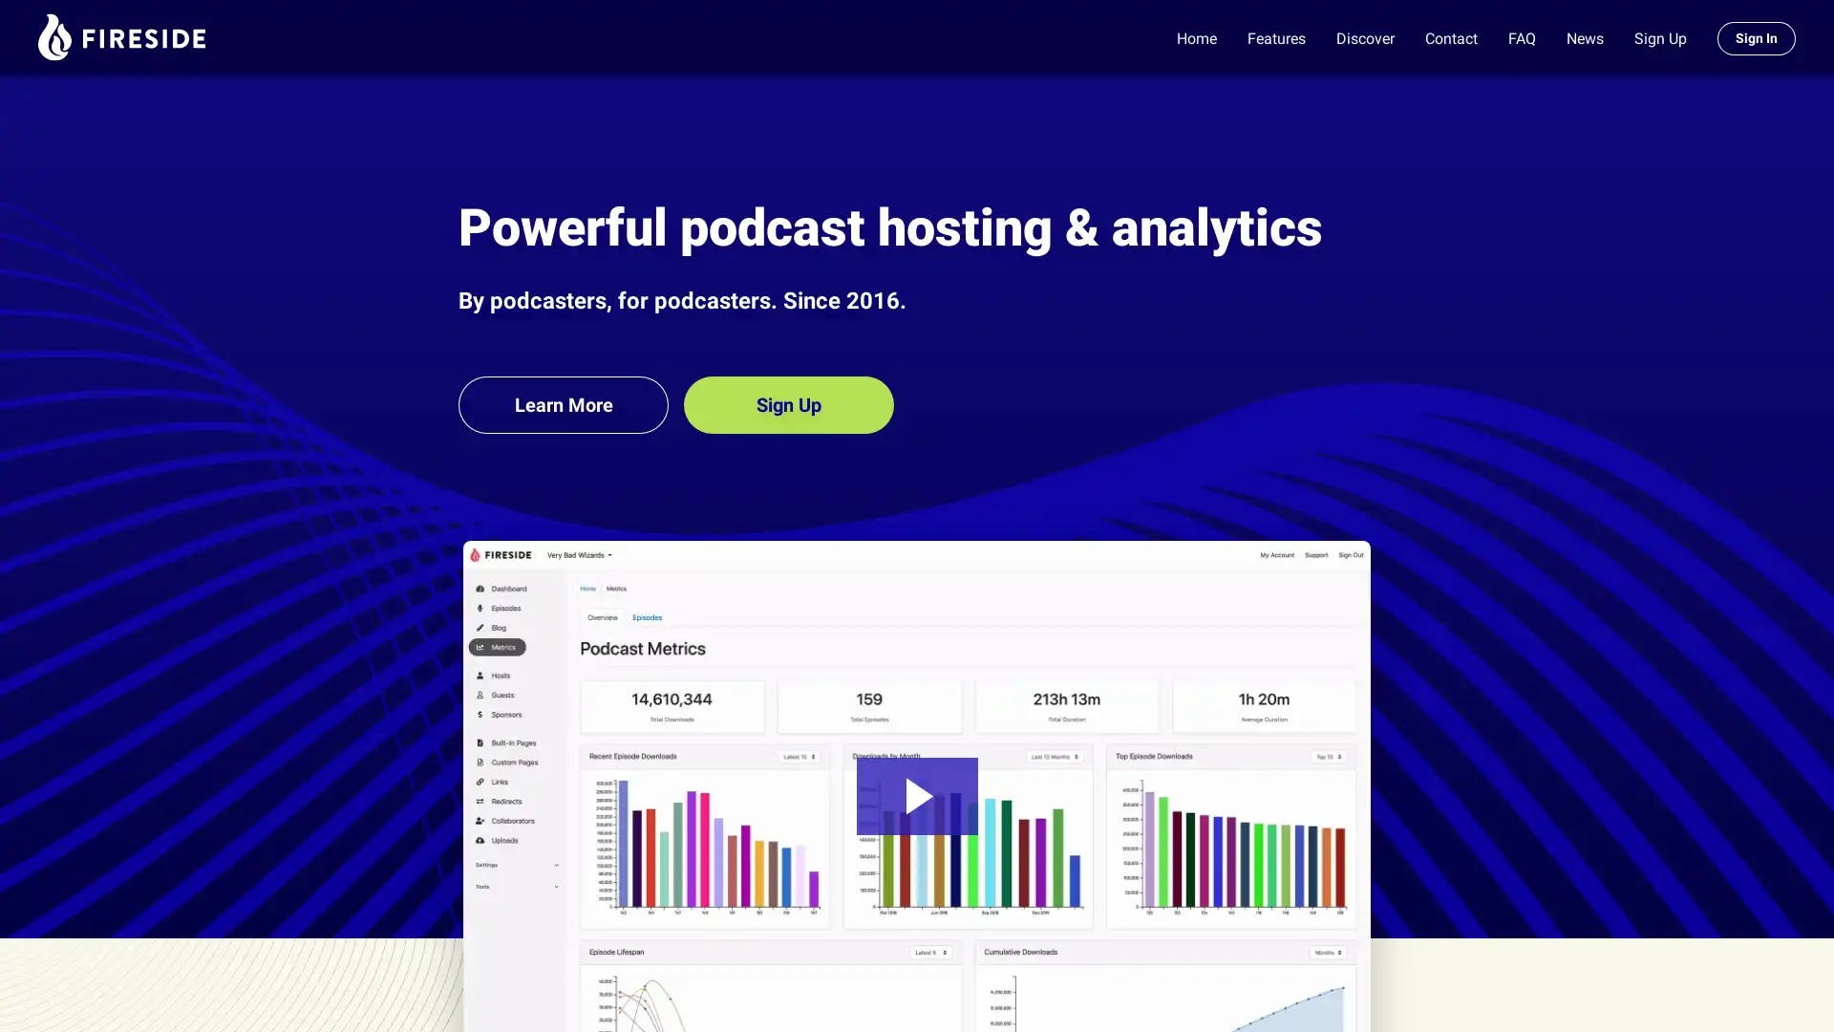 The image size is (1834, 1032). Describe the element at coordinates (915, 795) in the screenshot. I see `Play` at that location.